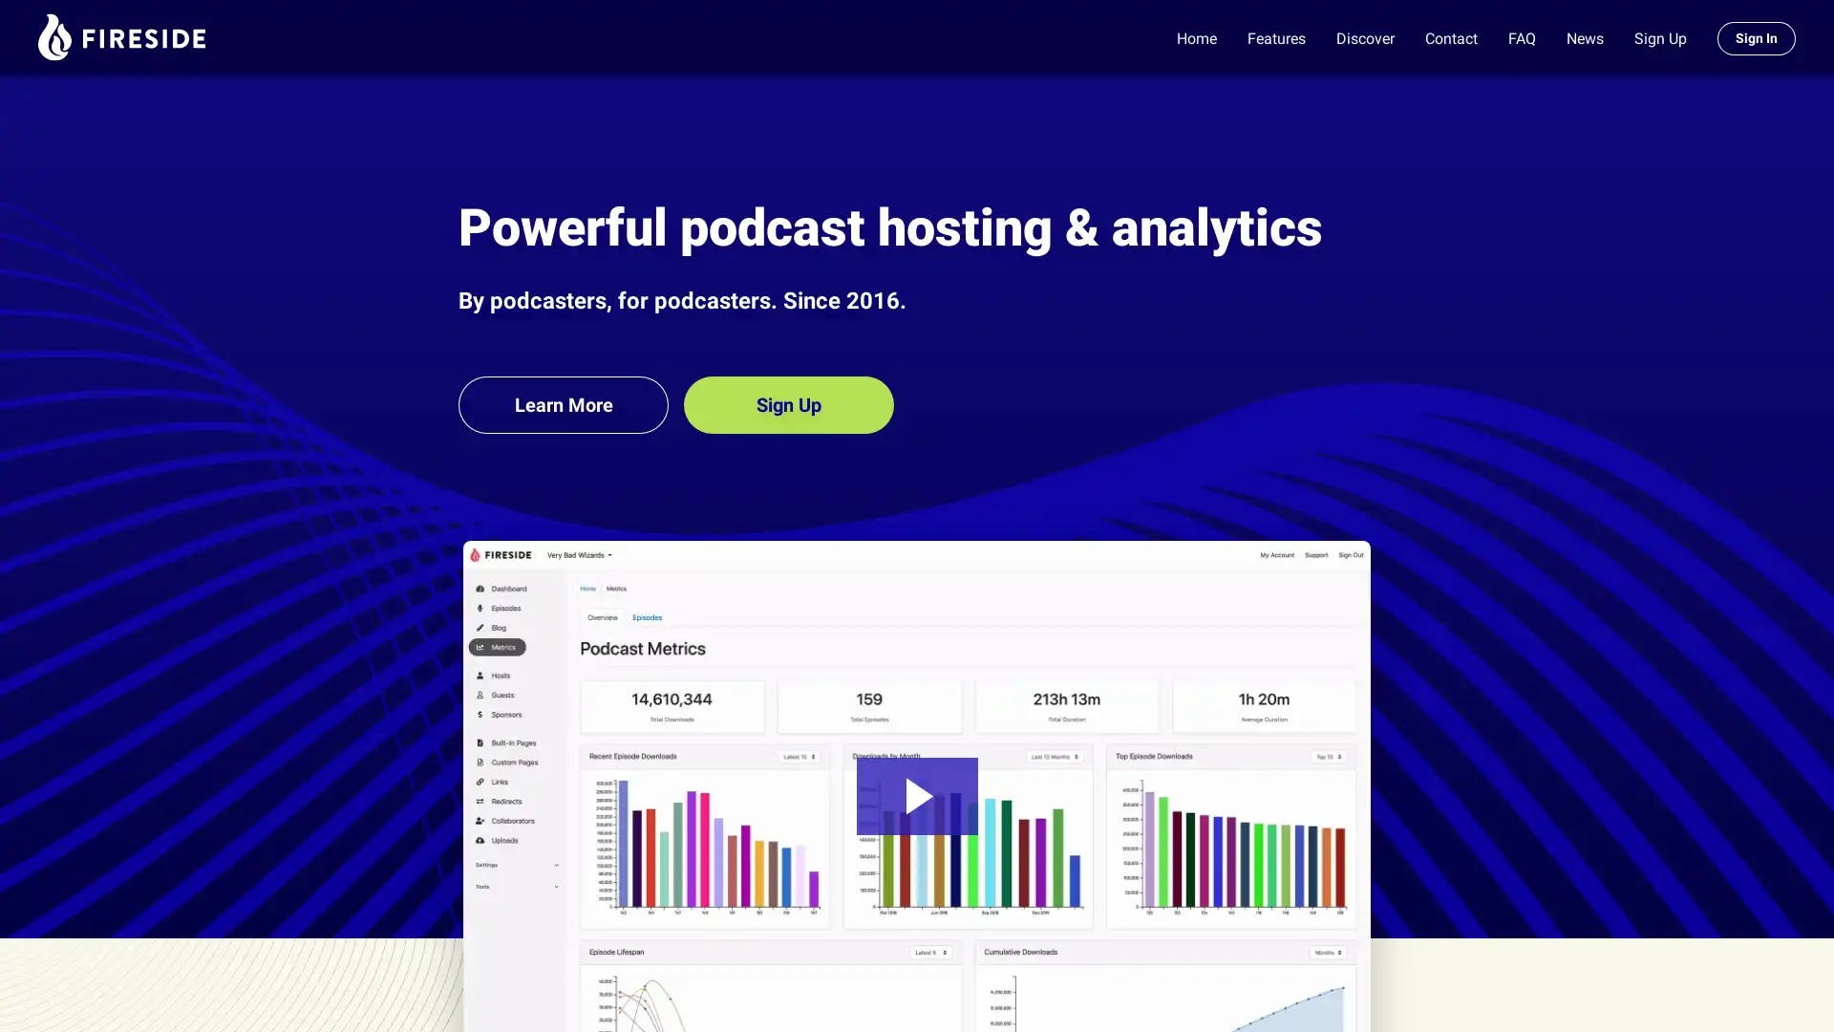 The image size is (1834, 1032). Describe the element at coordinates (915, 795) in the screenshot. I see `Play` at that location.